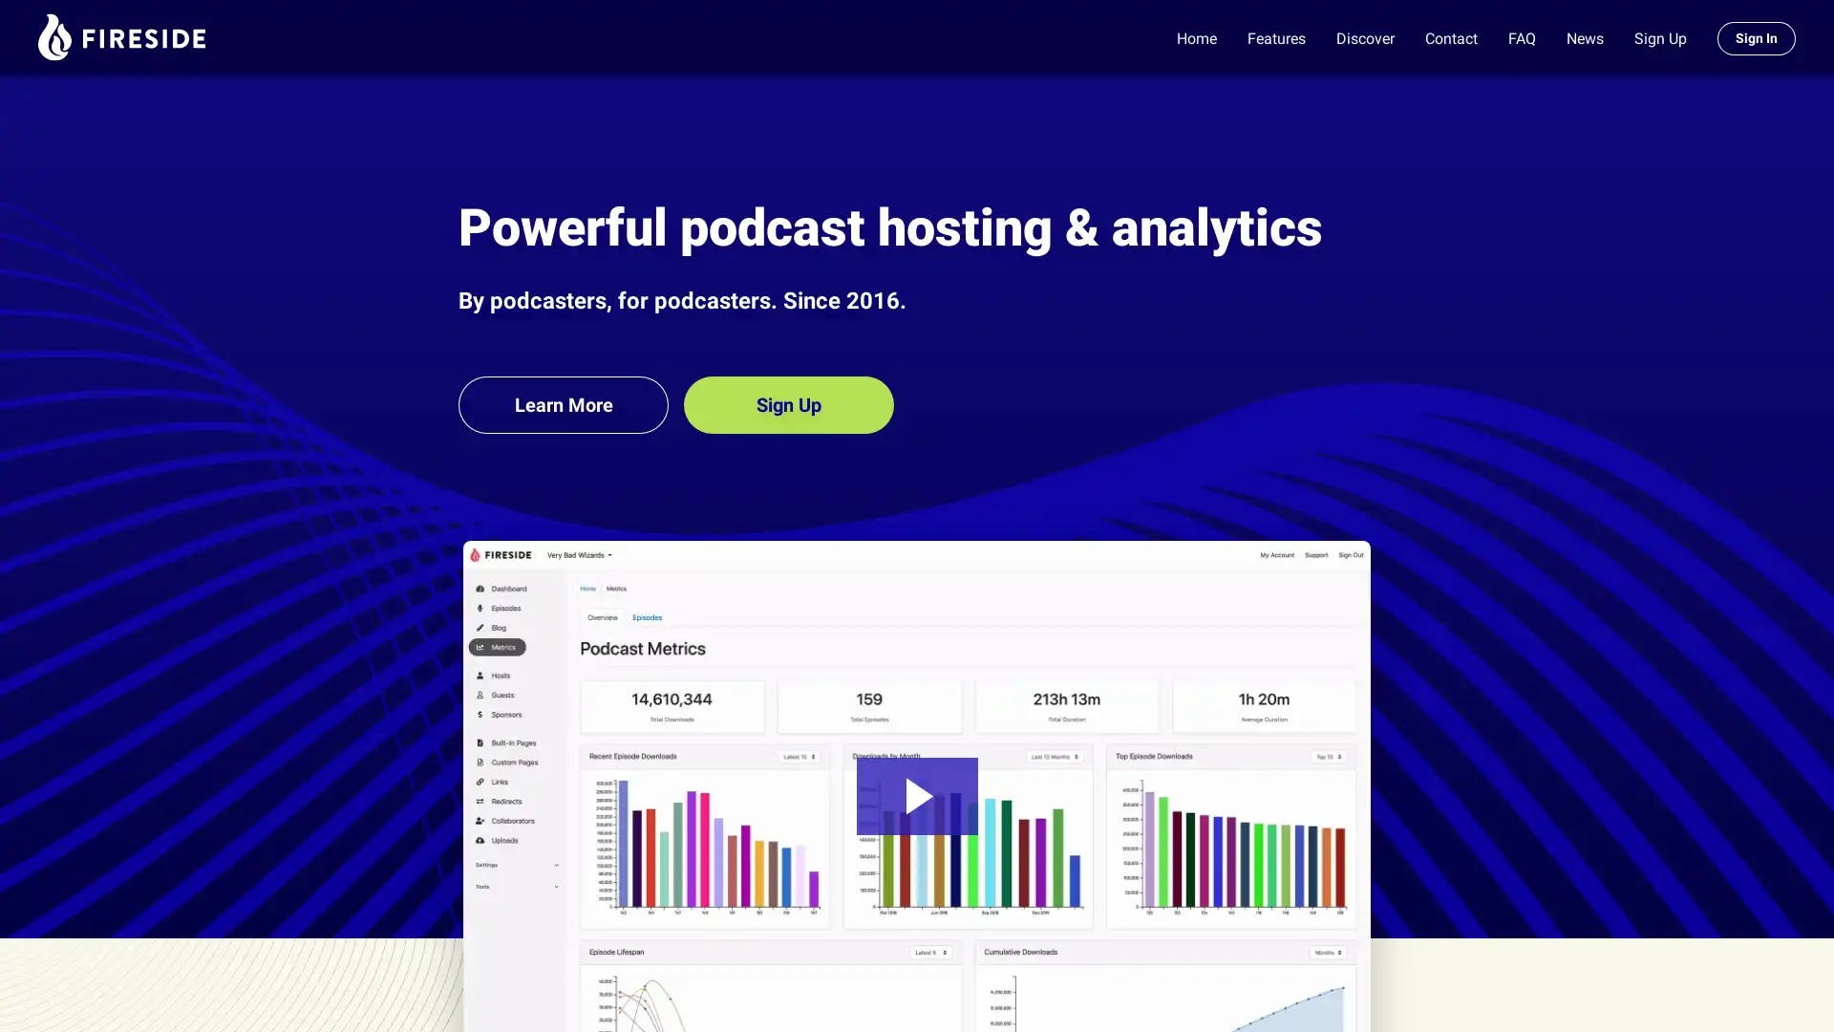 The image size is (1834, 1032). Describe the element at coordinates (915, 795) in the screenshot. I see `Play` at that location.